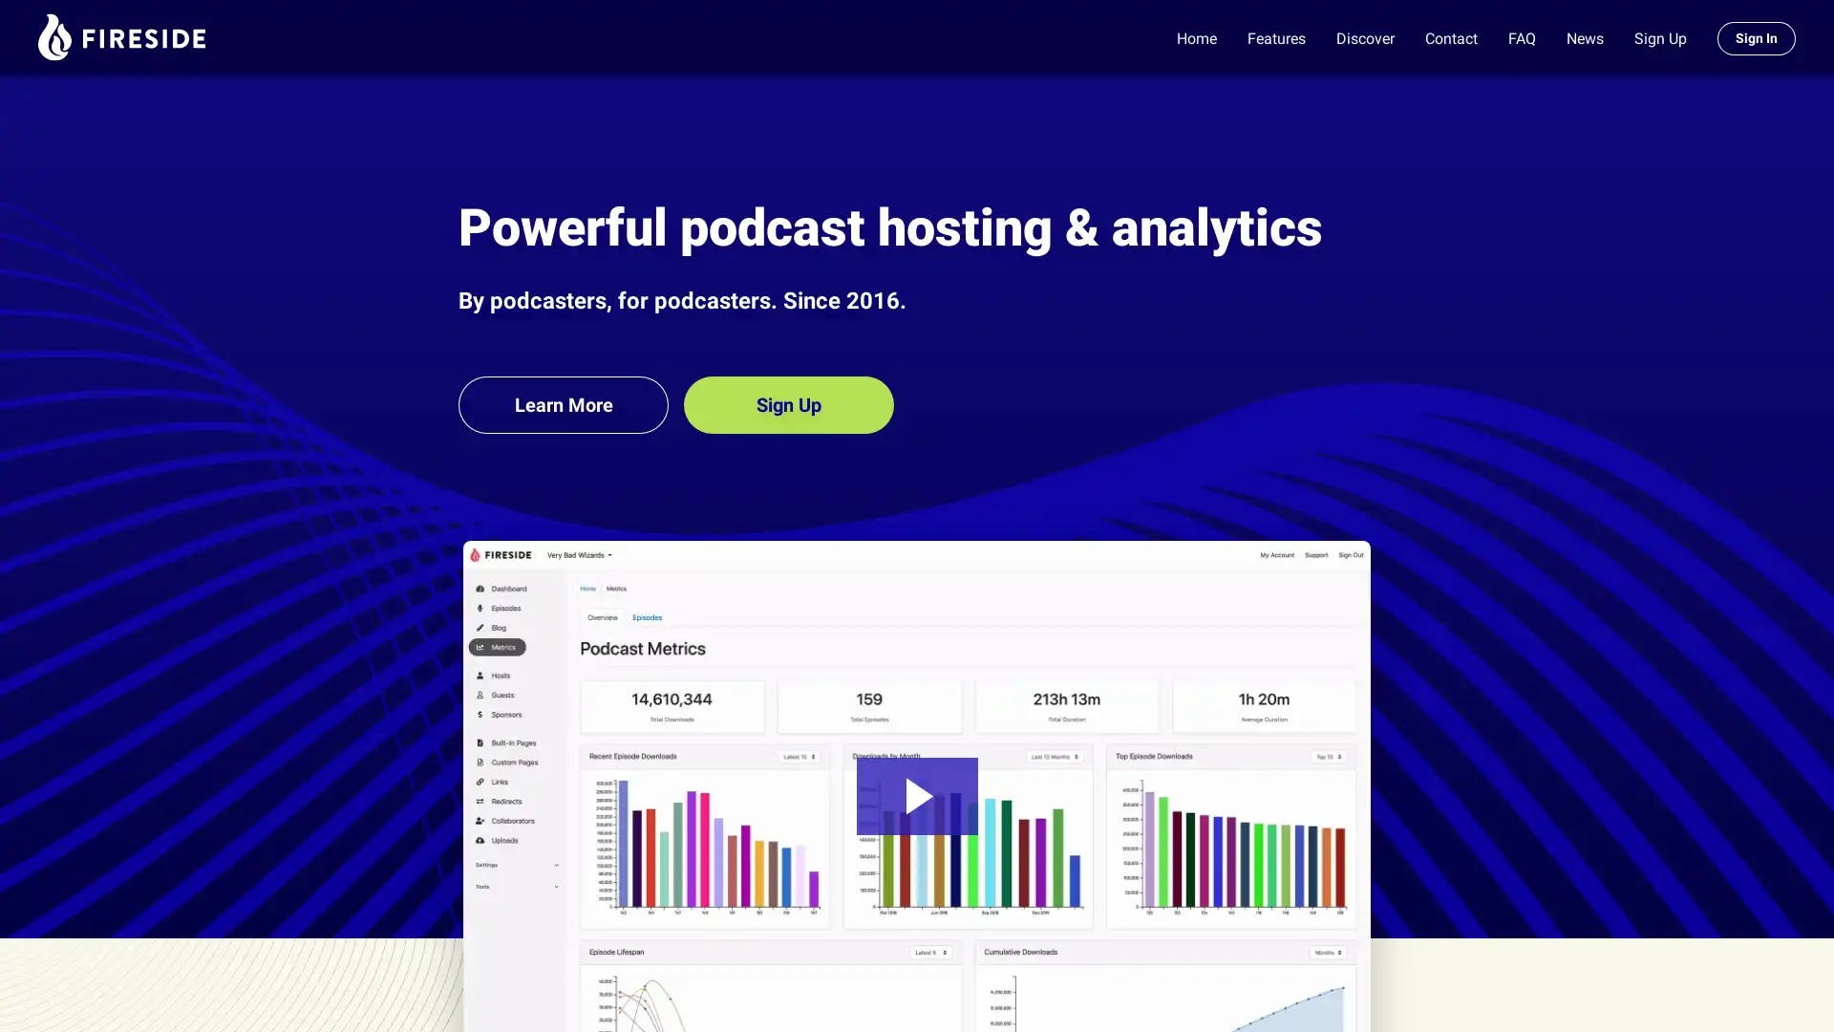 The image size is (1834, 1032). Describe the element at coordinates (915, 795) in the screenshot. I see `Play` at that location.